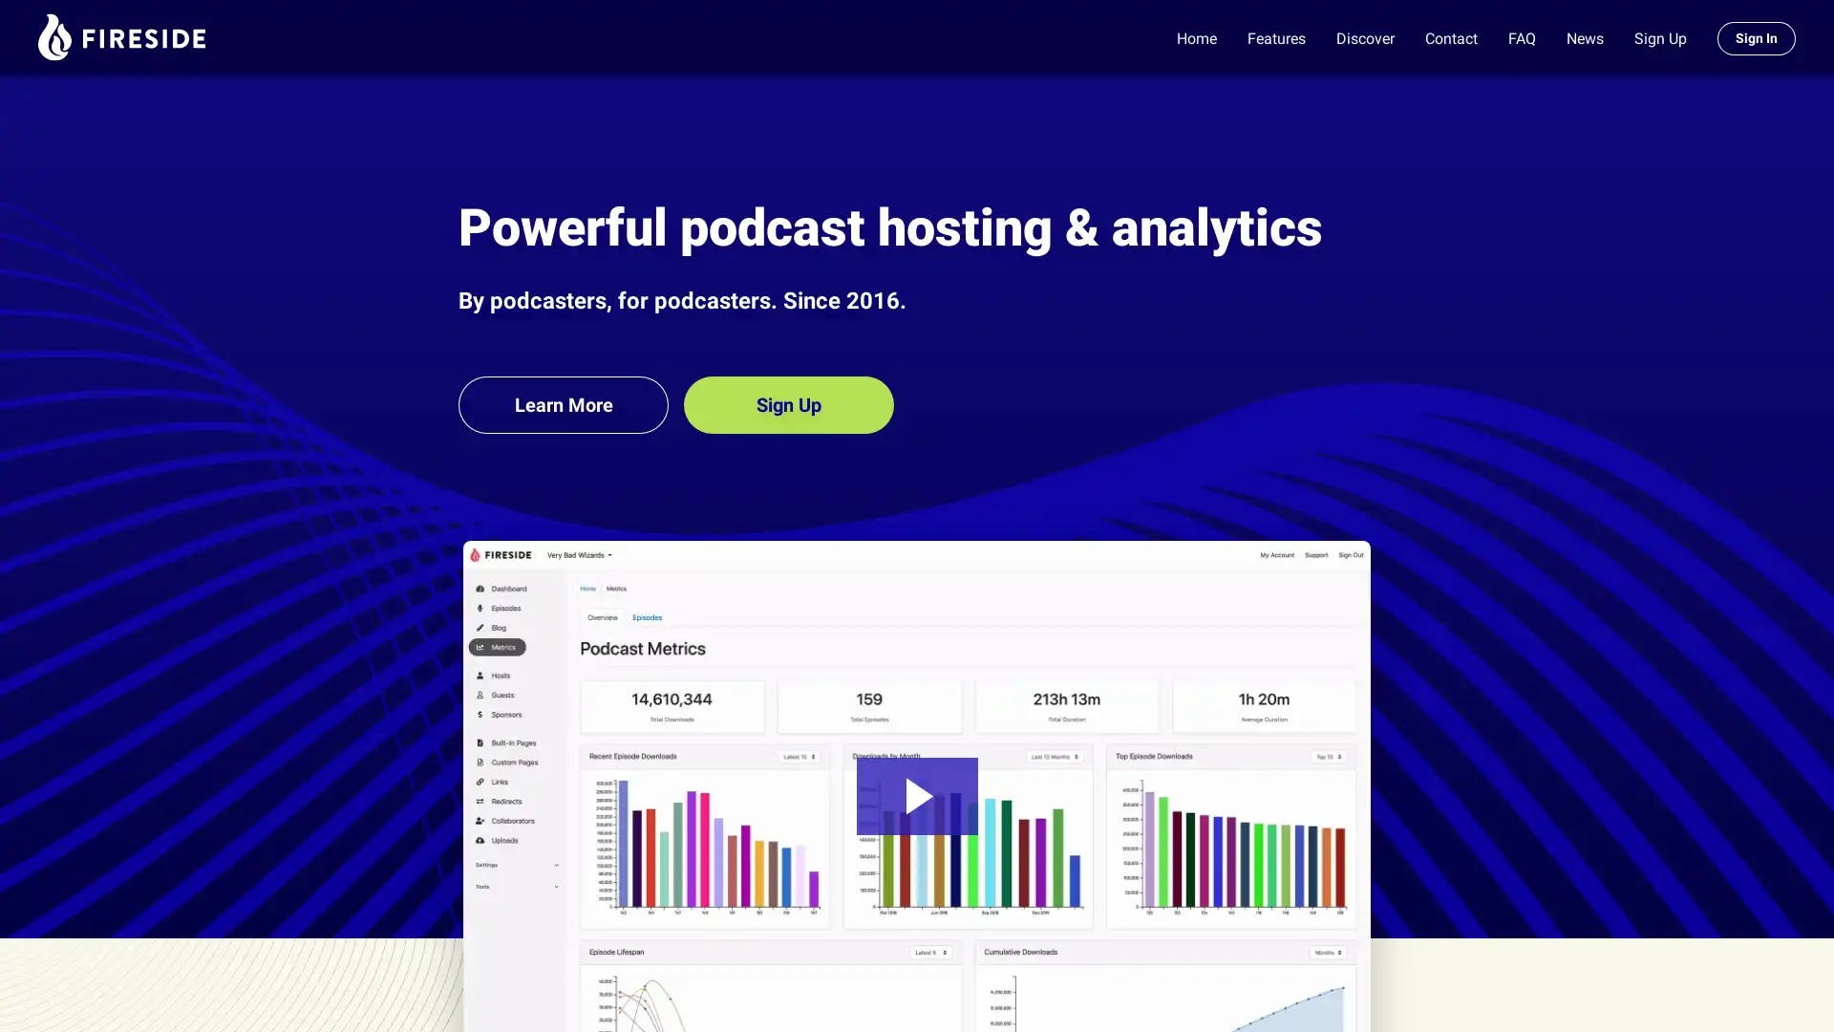 The image size is (1834, 1032). Describe the element at coordinates (915, 795) in the screenshot. I see `Play` at that location.